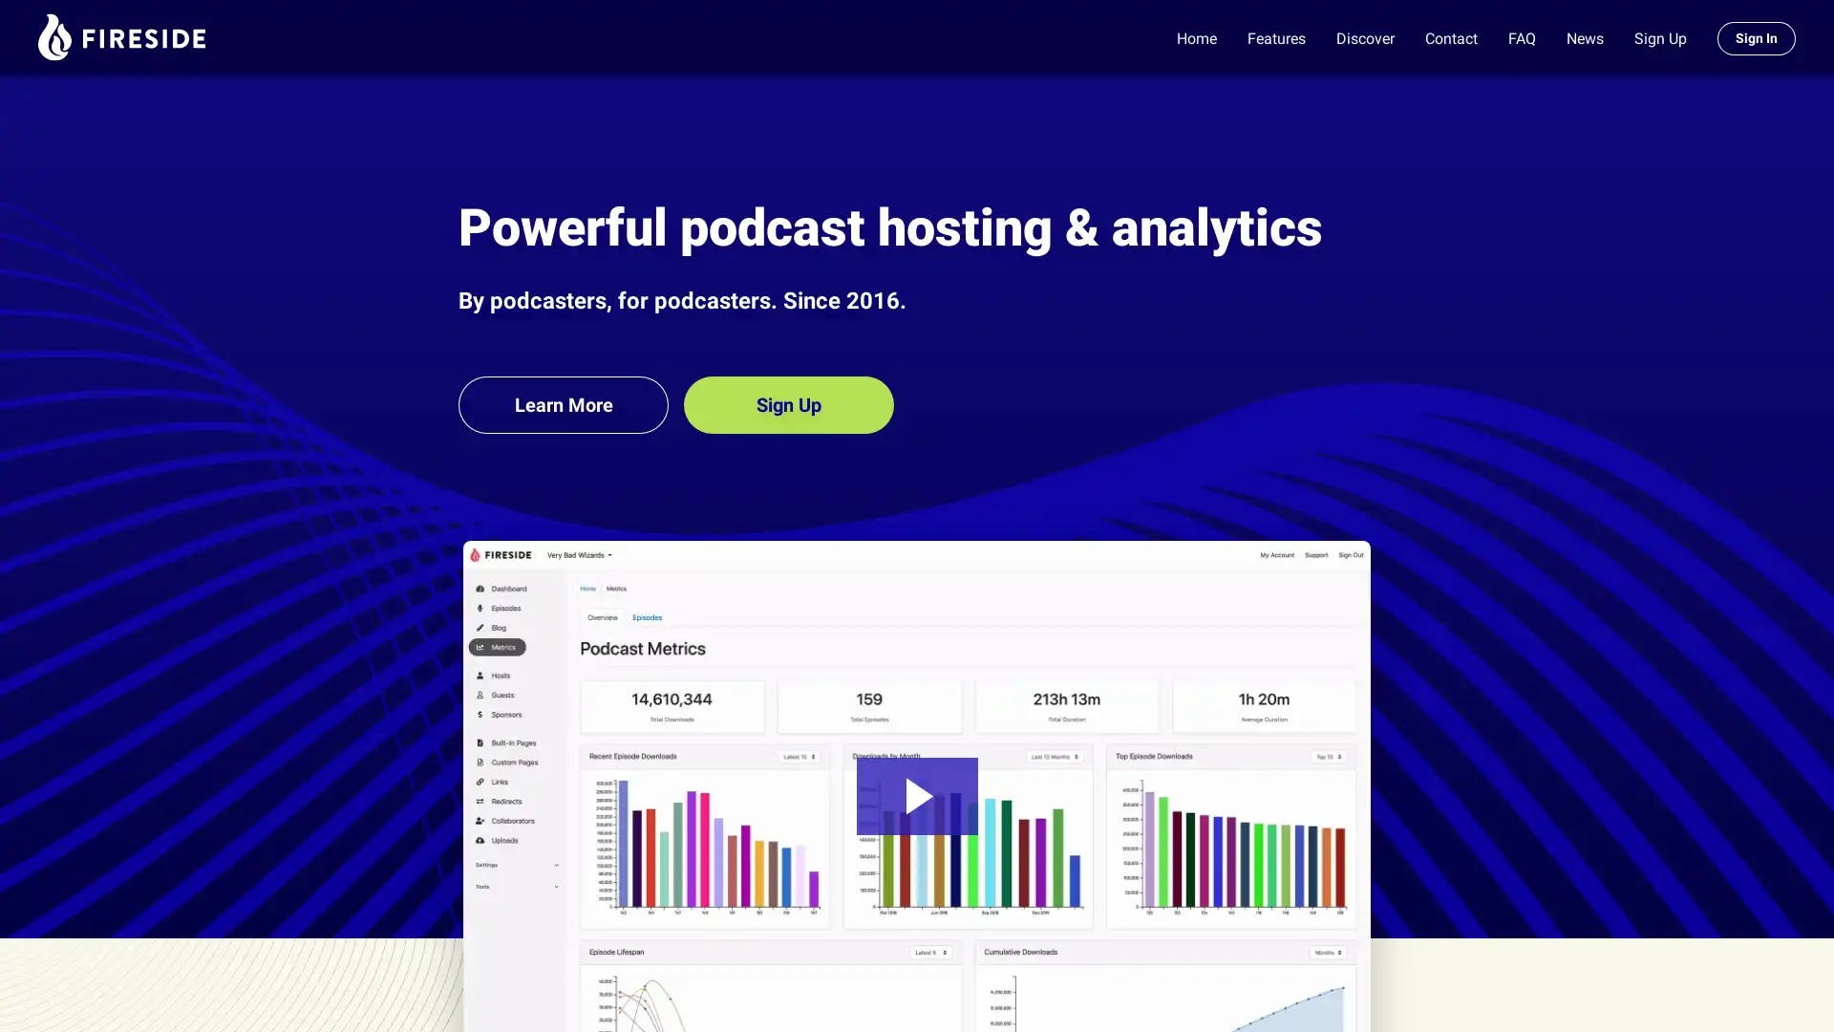 The image size is (1834, 1032). Describe the element at coordinates (915, 795) in the screenshot. I see `Play` at that location.